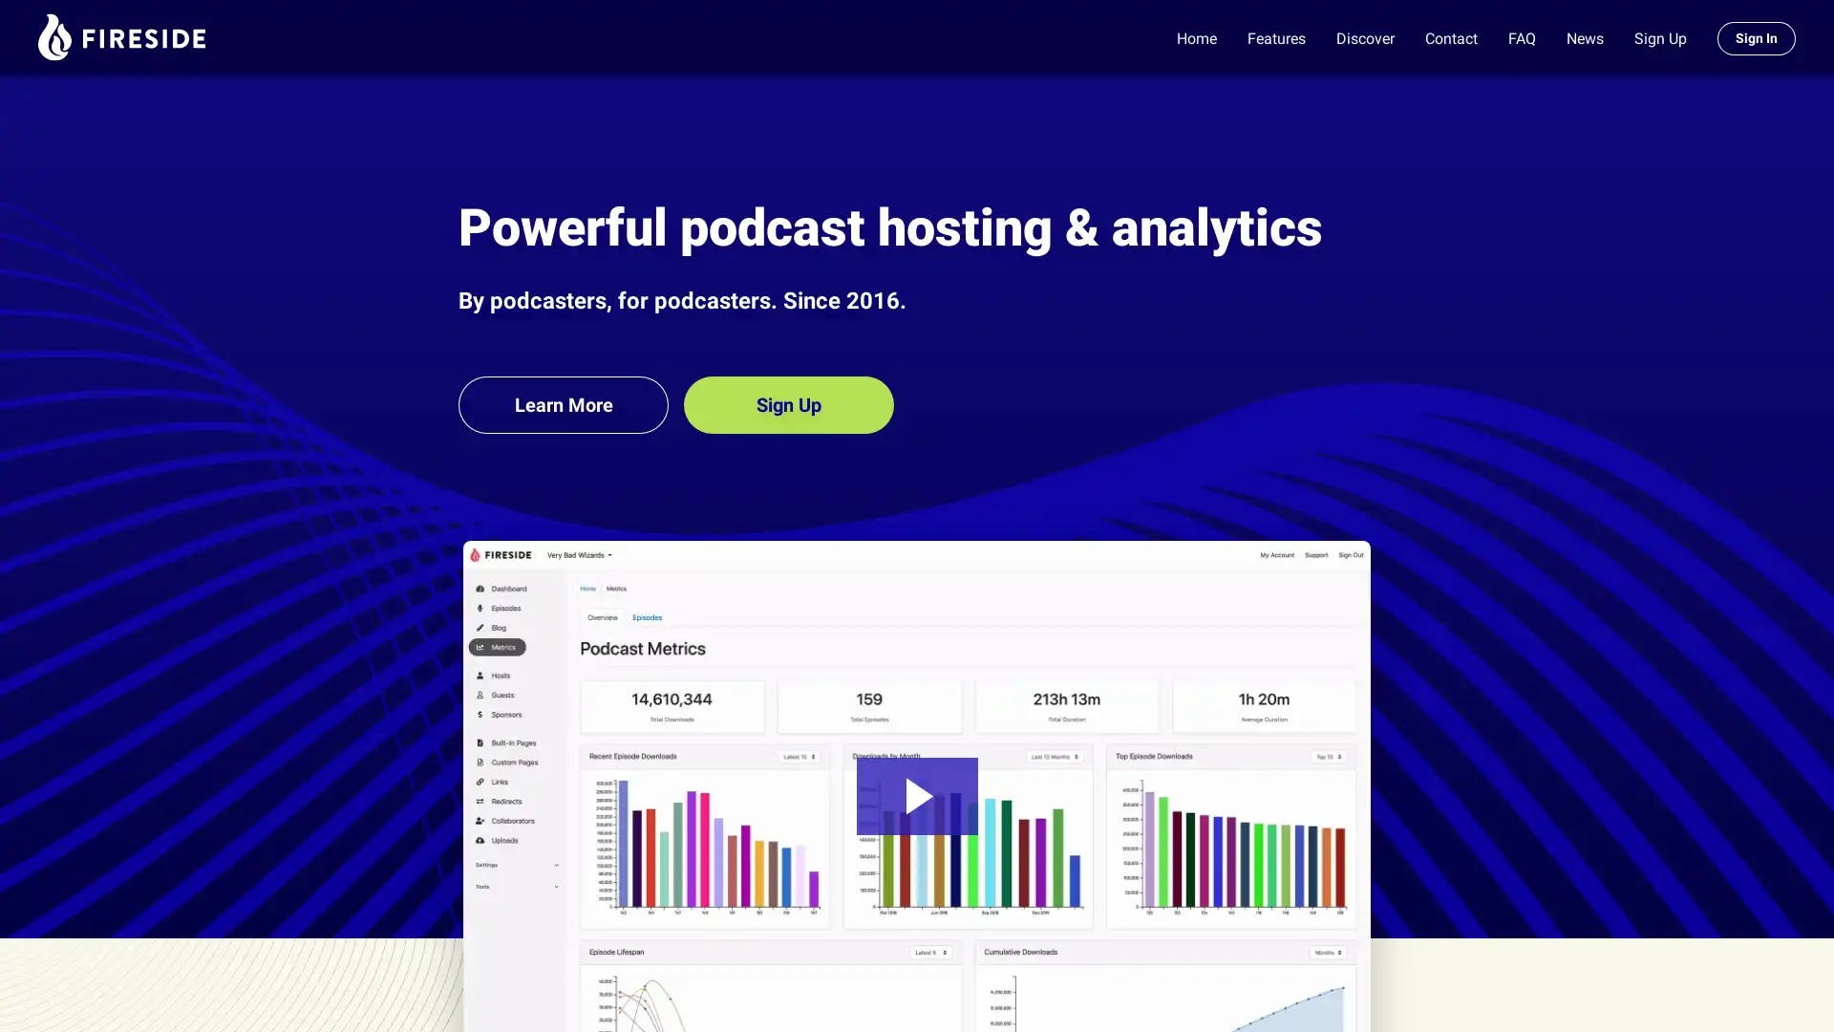 The image size is (1834, 1032). Describe the element at coordinates (915, 795) in the screenshot. I see `Play` at that location.